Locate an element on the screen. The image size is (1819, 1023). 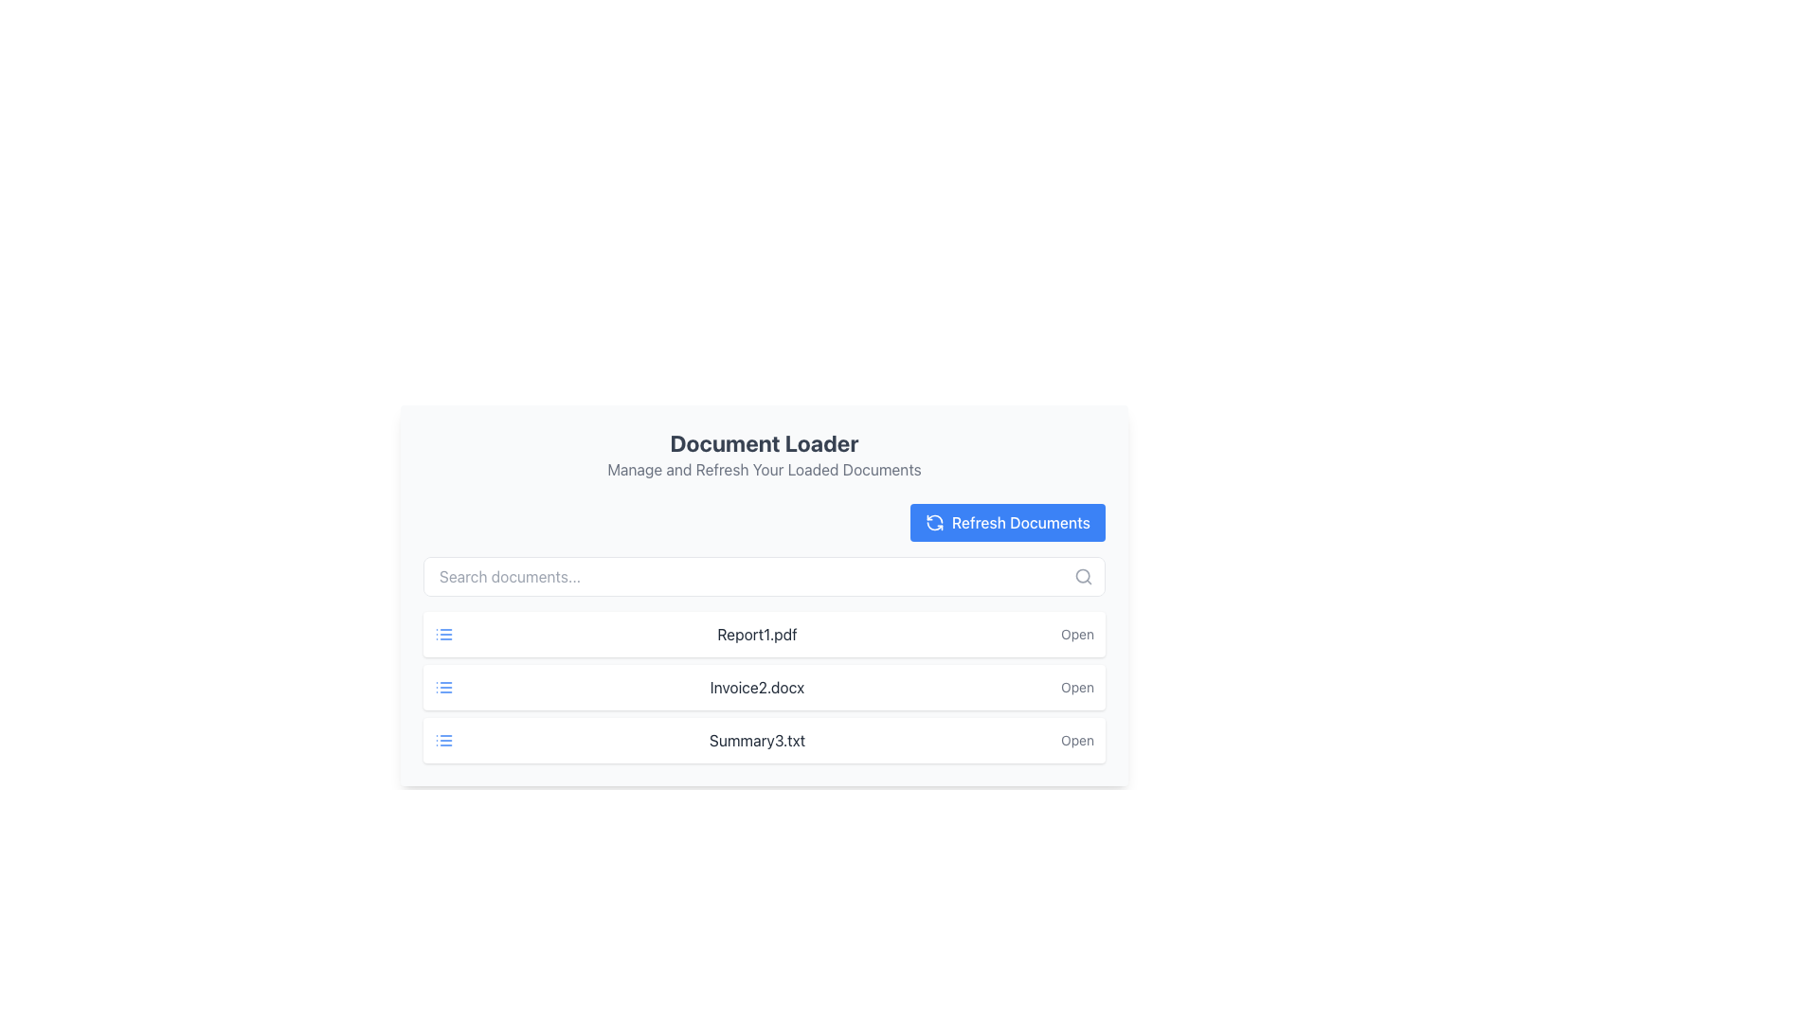
the refresh button located in the upper right section of the interface is located at coordinates (1006, 522).